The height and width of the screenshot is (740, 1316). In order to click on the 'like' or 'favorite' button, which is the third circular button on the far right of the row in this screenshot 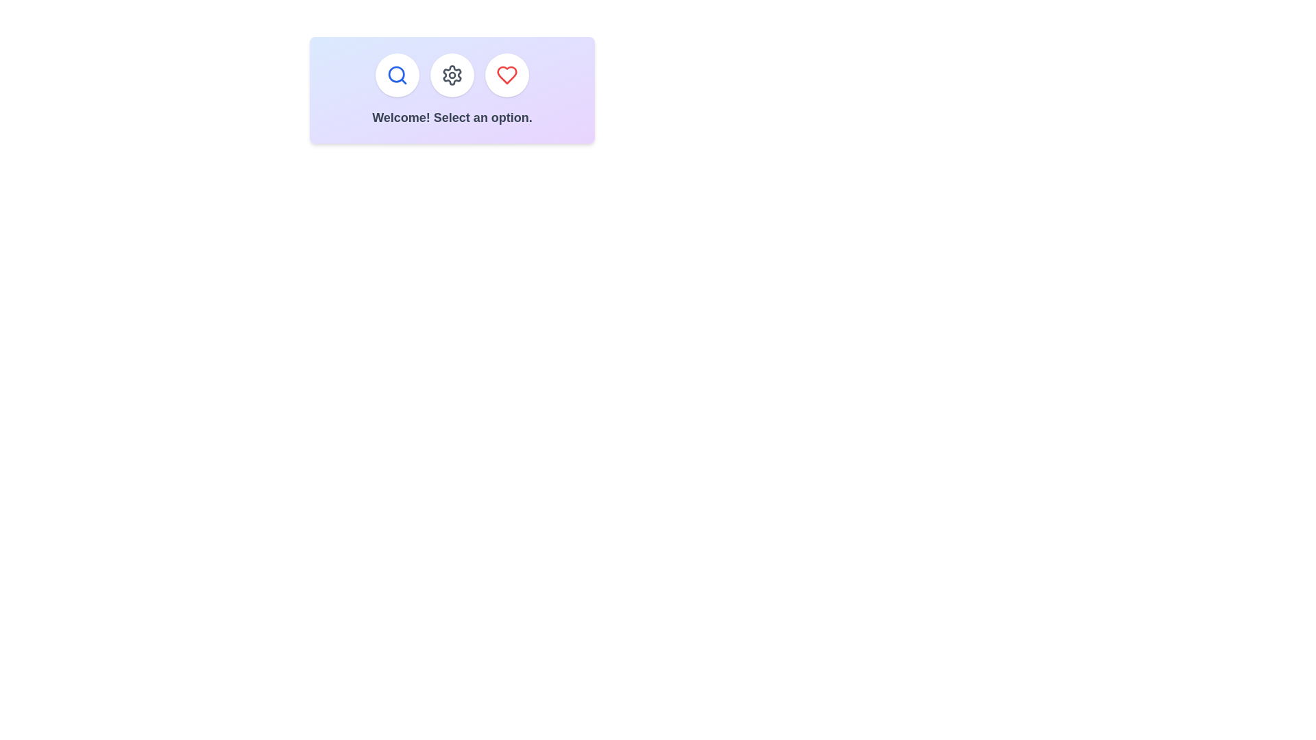, I will do `click(506, 75)`.